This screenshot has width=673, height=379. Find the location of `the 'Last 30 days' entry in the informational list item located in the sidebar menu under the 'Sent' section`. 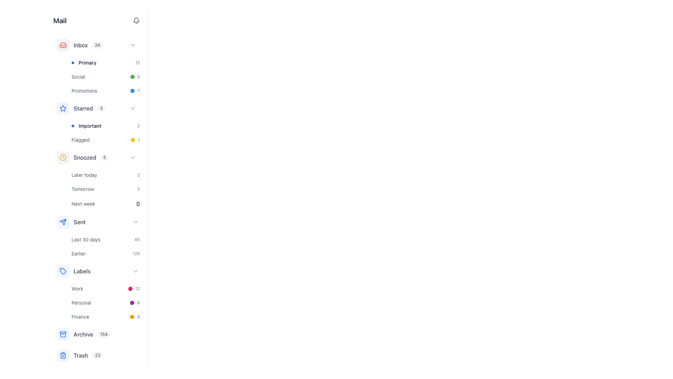

the 'Last 30 days' entry in the informational list item located in the sidebar menu under the 'Sent' section is located at coordinates (105, 246).